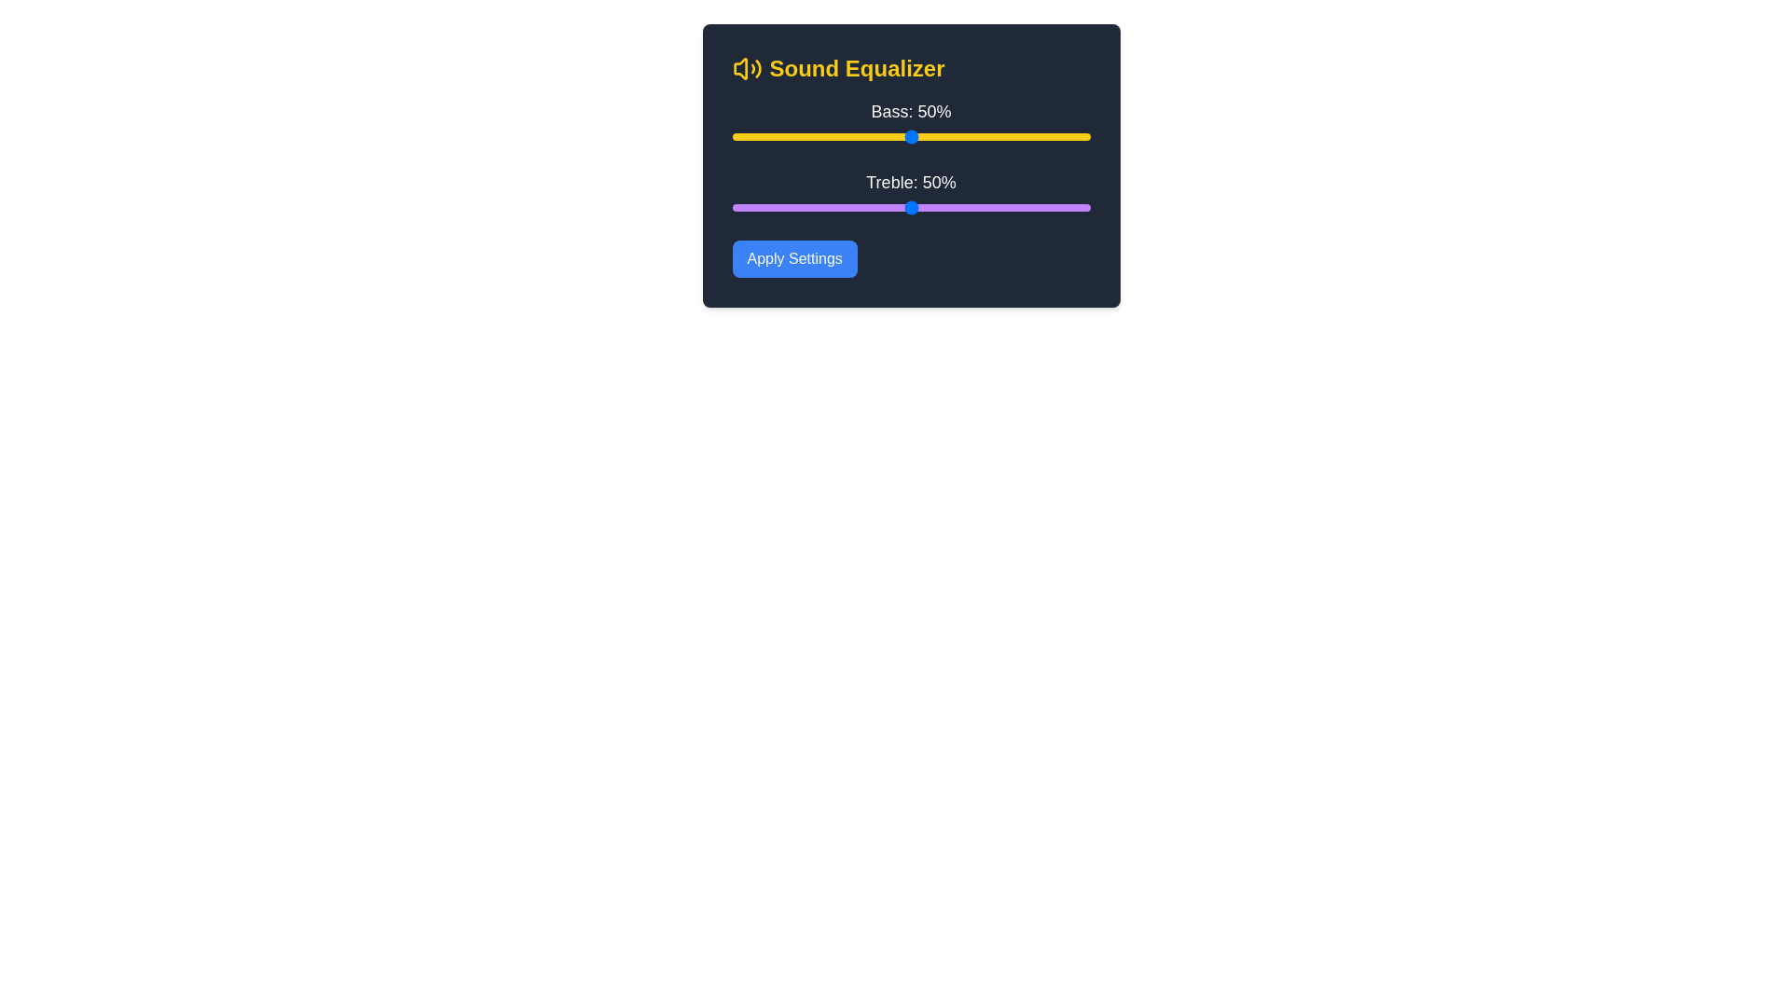 This screenshot has width=1790, height=1007. Describe the element at coordinates (957, 208) in the screenshot. I see `the treble slider to 63%` at that location.